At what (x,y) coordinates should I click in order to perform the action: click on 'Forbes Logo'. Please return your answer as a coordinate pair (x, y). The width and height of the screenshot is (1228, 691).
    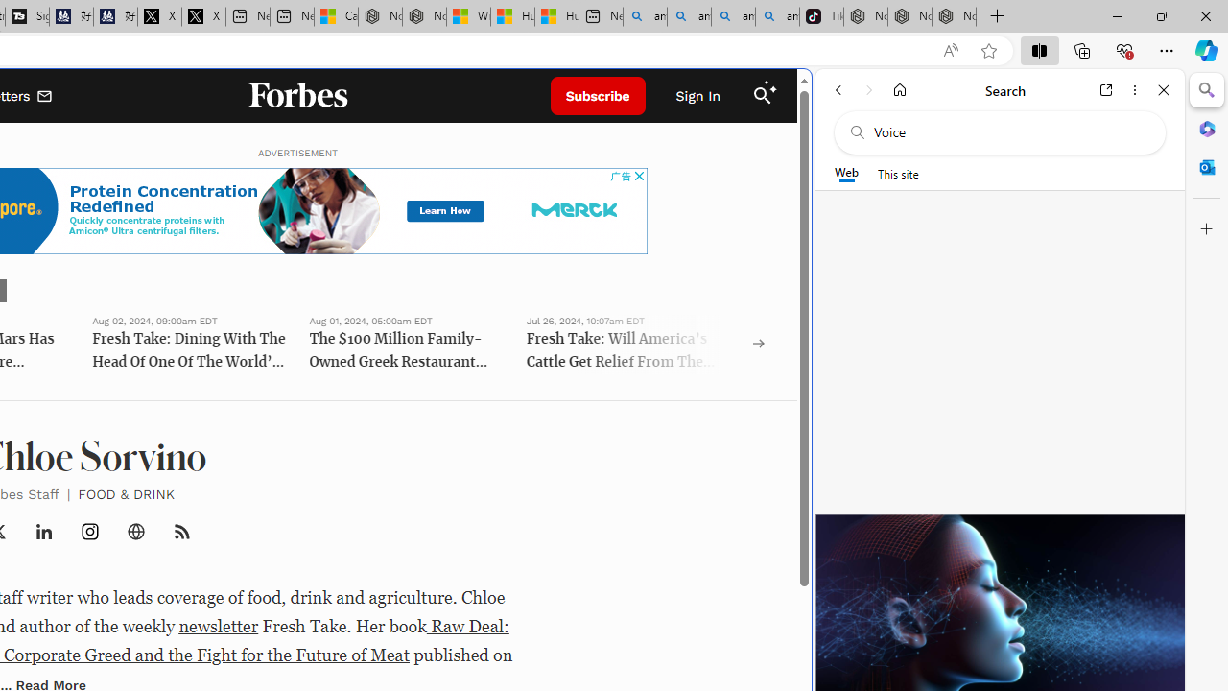
    Looking at the image, I should click on (297, 96).